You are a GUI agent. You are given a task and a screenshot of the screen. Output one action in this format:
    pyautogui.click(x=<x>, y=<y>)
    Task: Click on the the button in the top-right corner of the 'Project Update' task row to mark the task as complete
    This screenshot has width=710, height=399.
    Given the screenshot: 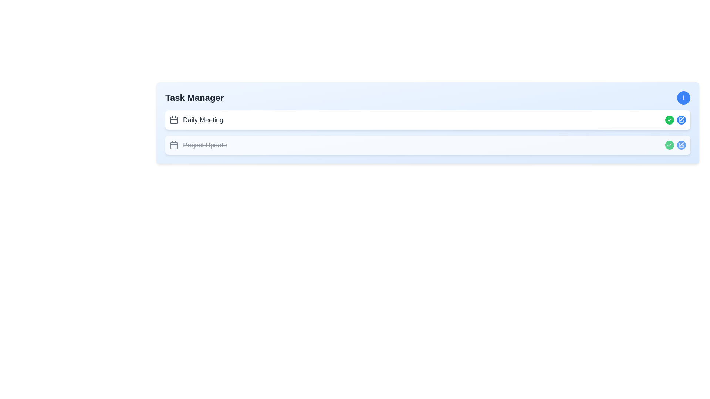 What is the action you would take?
    pyautogui.click(x=669, y=119)
    